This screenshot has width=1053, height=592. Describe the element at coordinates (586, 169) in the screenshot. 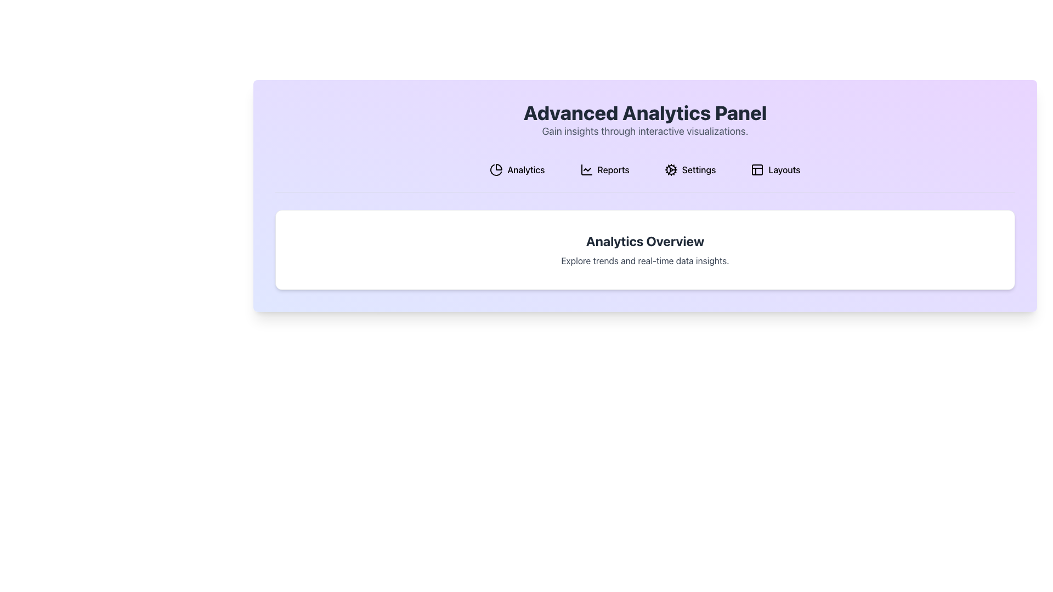

I see `the Reports icon located in the main navigation bar, adjacent to the Reports label, which visually indicates the functionality of viewing or interacting with reports` at that location.